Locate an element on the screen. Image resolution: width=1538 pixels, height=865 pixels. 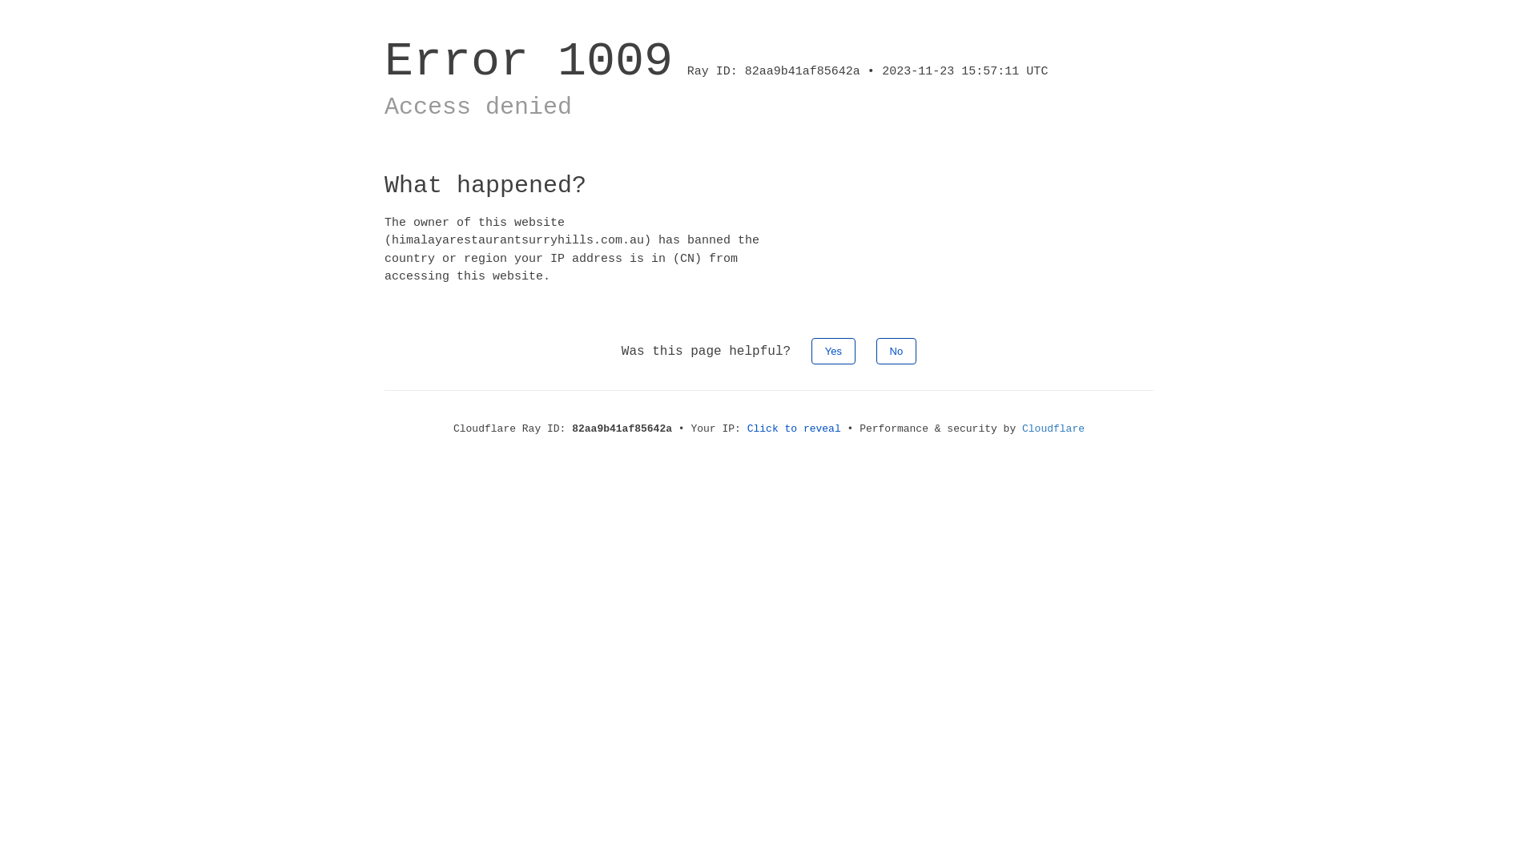
'Cloudflare' is located at coordinates (1021, 428).